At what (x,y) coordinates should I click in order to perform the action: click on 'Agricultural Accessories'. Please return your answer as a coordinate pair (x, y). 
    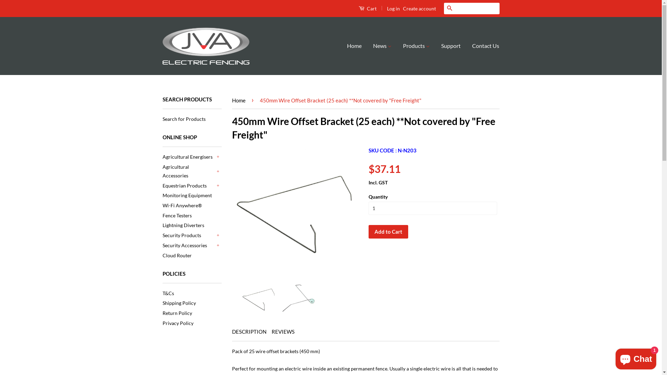
    Looking at the image, I should click on (188, 171).